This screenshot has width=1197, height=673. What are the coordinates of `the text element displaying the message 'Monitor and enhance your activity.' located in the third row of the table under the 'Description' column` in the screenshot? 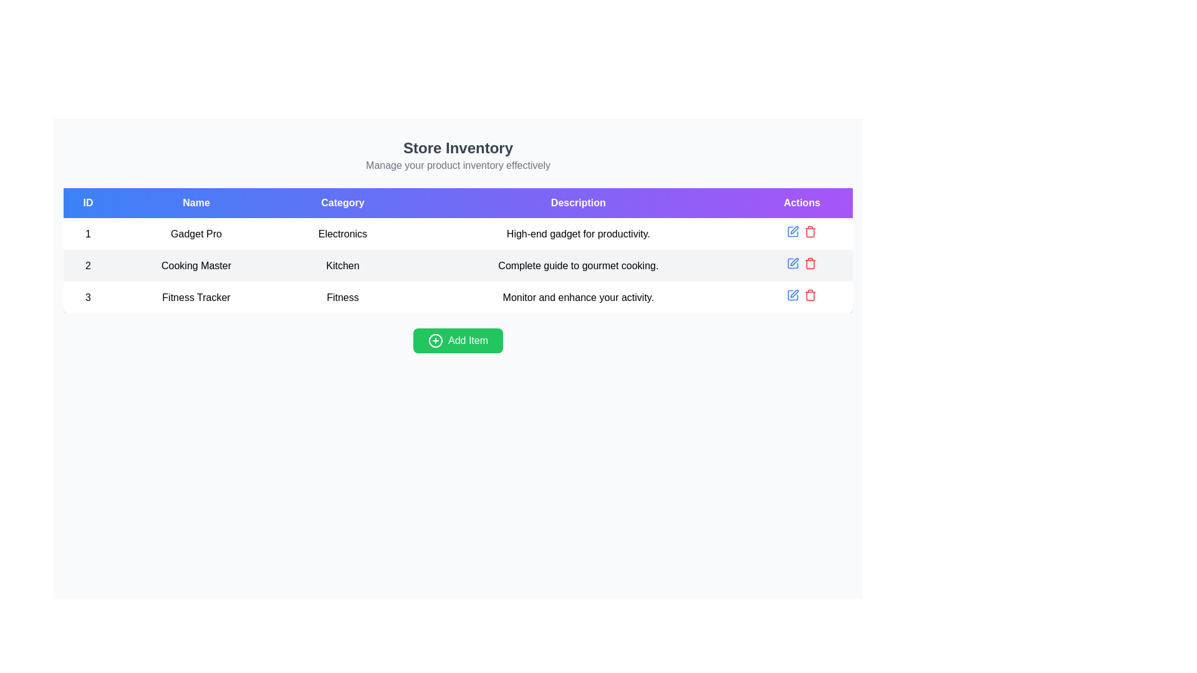 It's located at (577, 297).